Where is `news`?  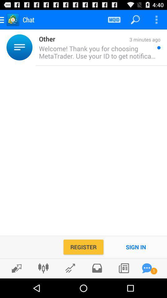 news is located at coordinates (124, 268).